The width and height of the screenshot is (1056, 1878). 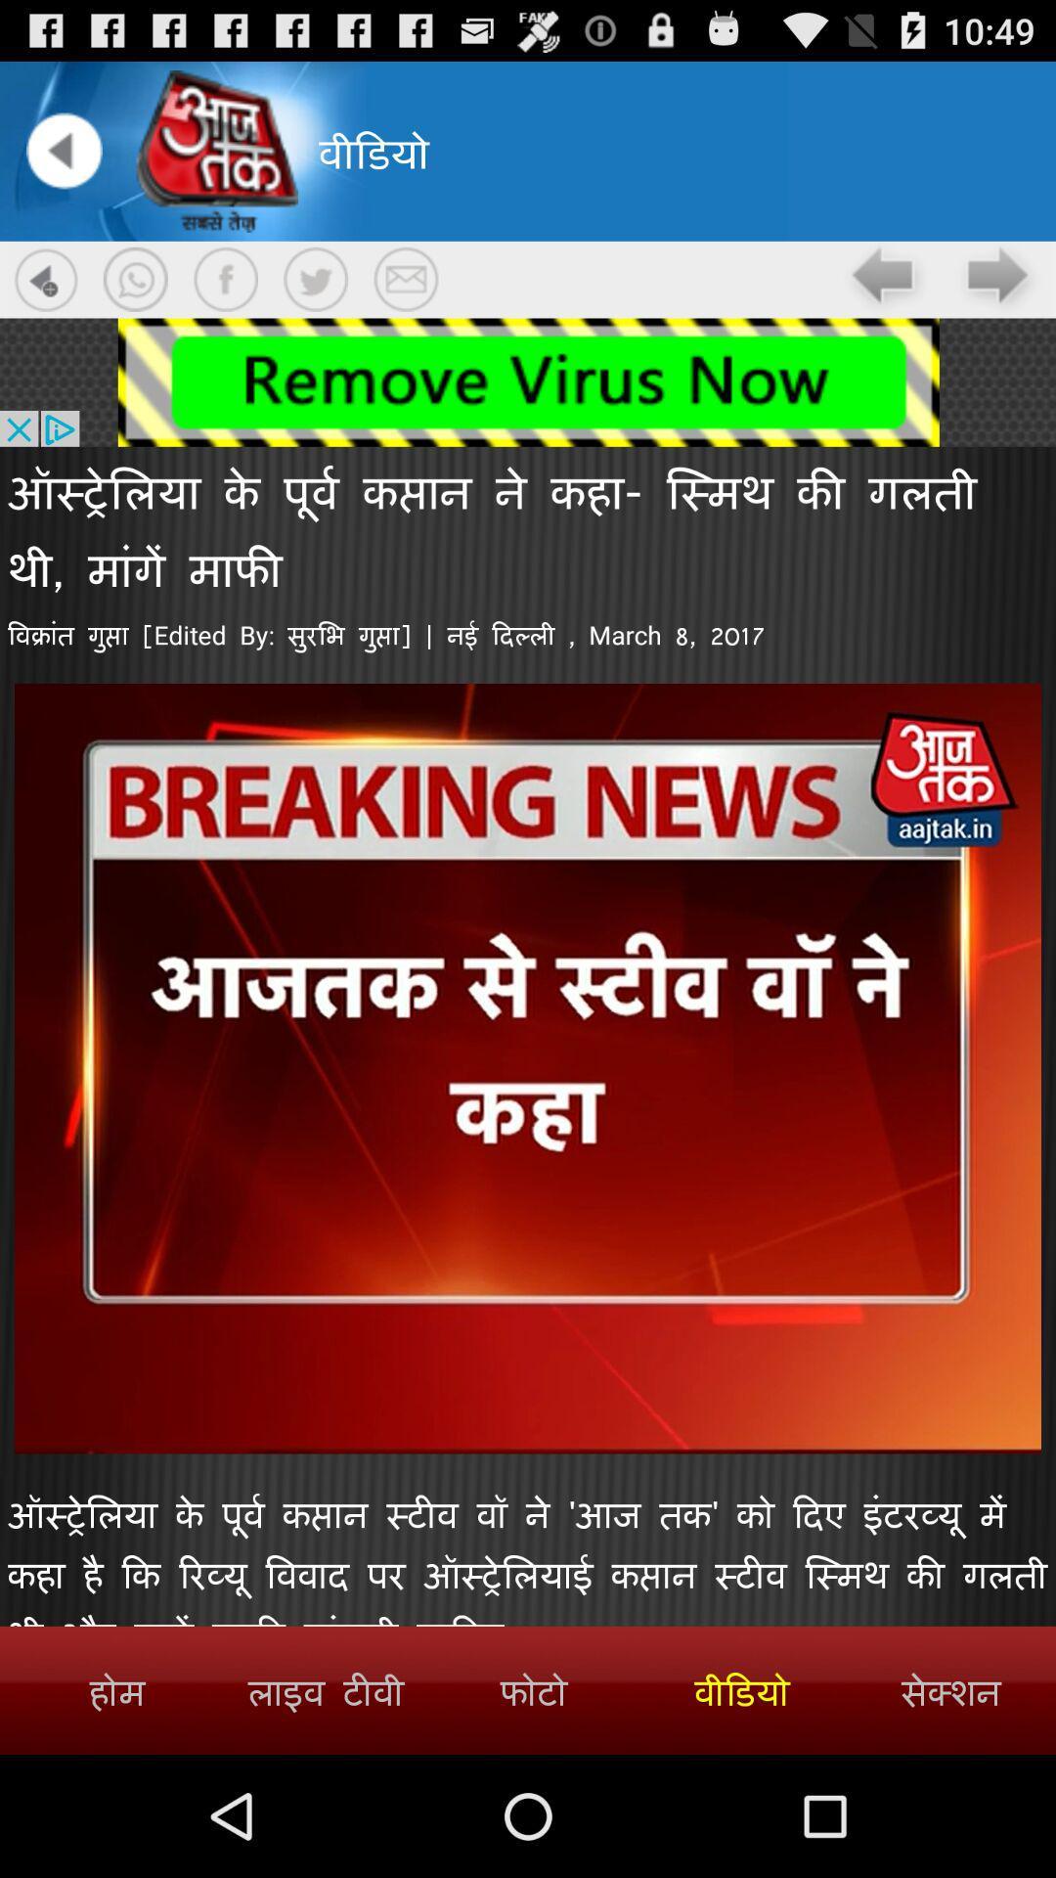 What do you see at coordinates (998, 298) in the screenshot?
I see `the arrow_forward icon` at bounding box center [998, 298].